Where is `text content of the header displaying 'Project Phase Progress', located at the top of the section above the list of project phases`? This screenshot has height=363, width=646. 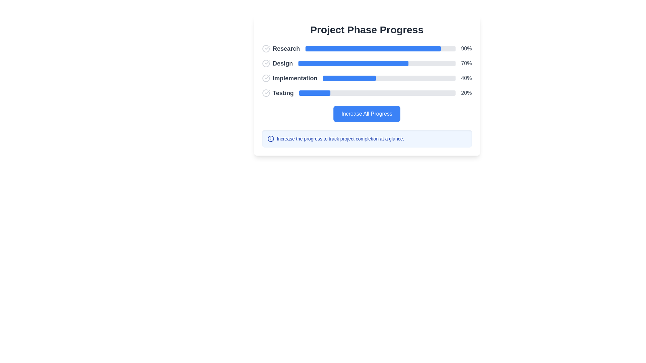
text content of the header displaying 'Project Phase Progress', located at the top of the section above the list of project phases is located at coordinates (366, 29).